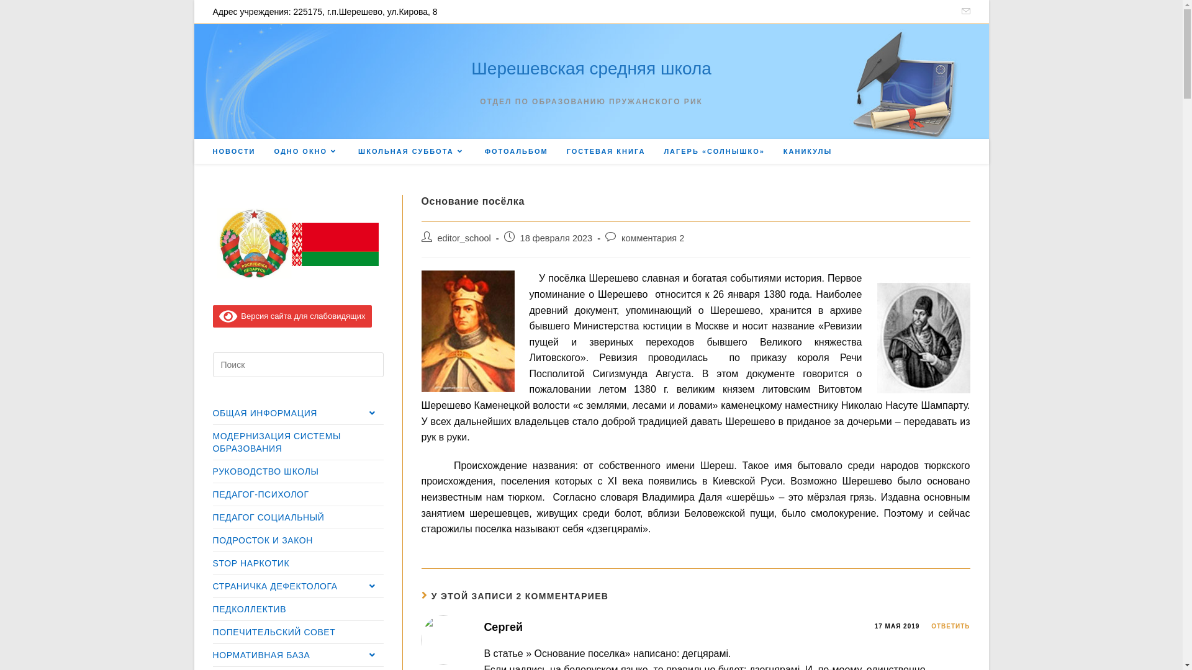 This screenshot has height=670, width=1192. I want to click on 'editor_school', so click(463, 238).